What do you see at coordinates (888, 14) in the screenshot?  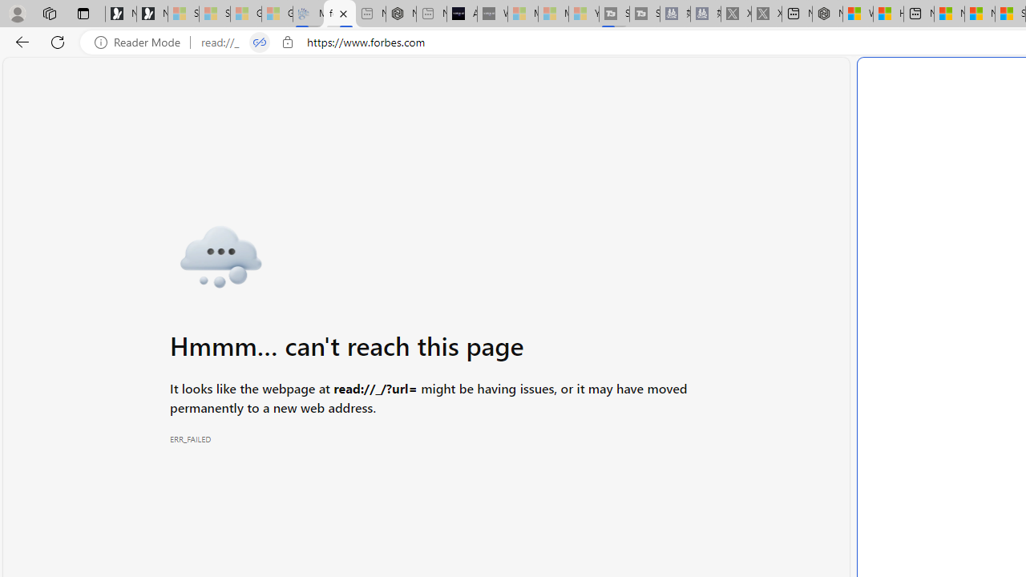 I see `'Huge shark washes ashore at New York City beach | Watch'` at bounding box center [888, 14].